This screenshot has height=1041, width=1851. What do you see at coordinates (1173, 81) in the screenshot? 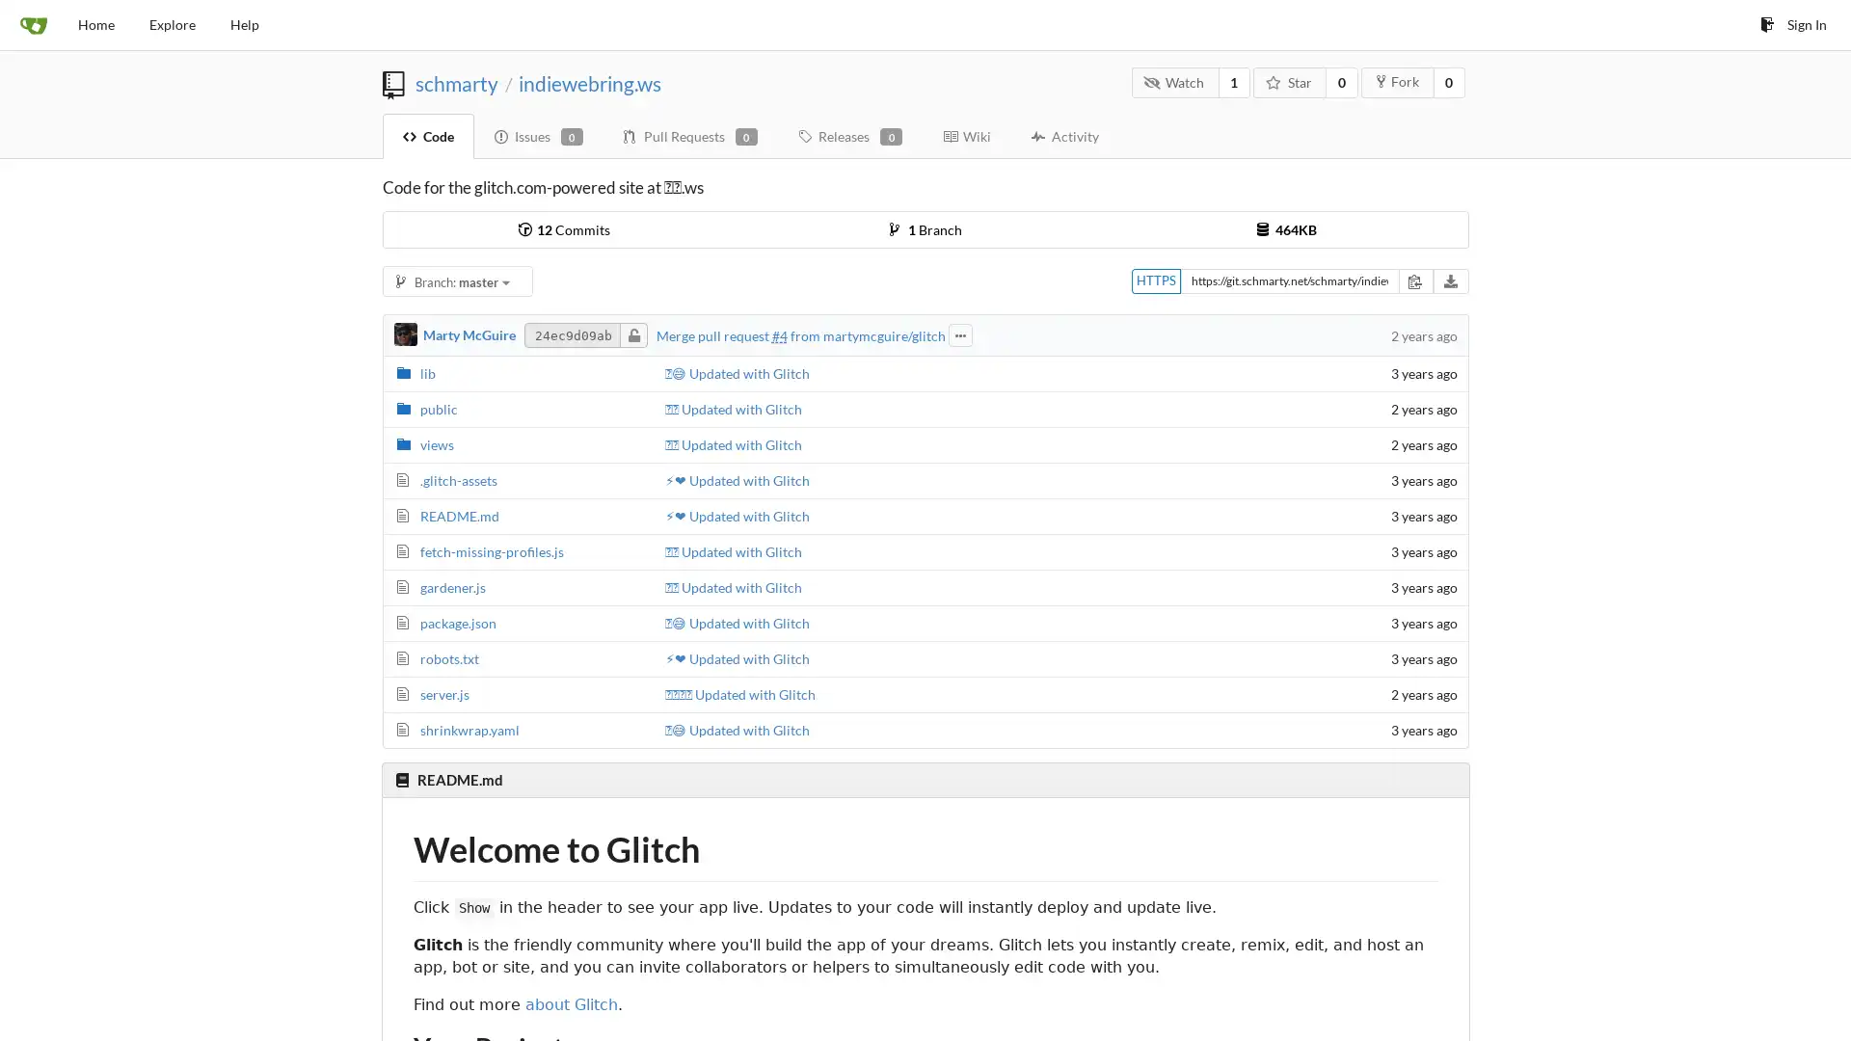
I see `Watch` at bounding box center [1173, 81].